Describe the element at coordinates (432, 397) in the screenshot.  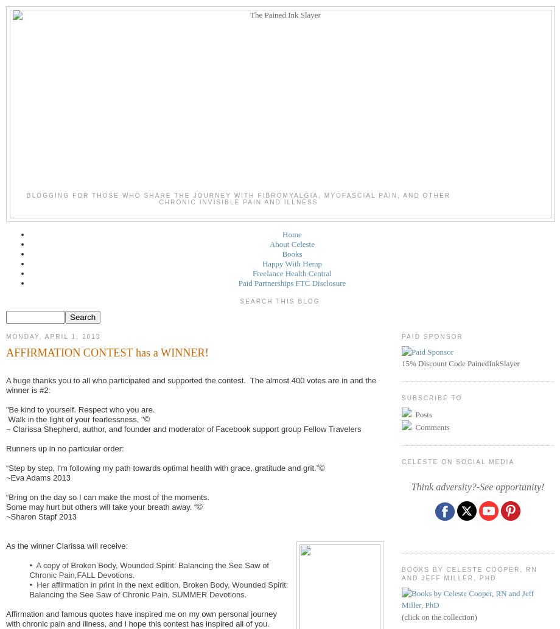
I see `'Subscribe To'` at that location.